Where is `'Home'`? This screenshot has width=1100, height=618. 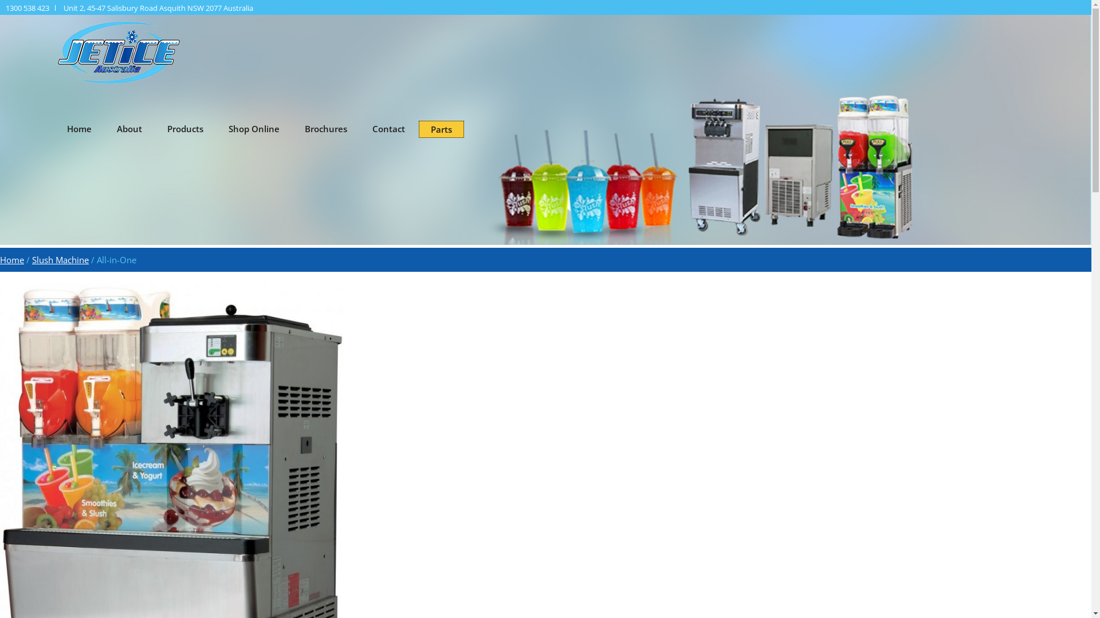 'Home' is located at coordinates (11, 260).